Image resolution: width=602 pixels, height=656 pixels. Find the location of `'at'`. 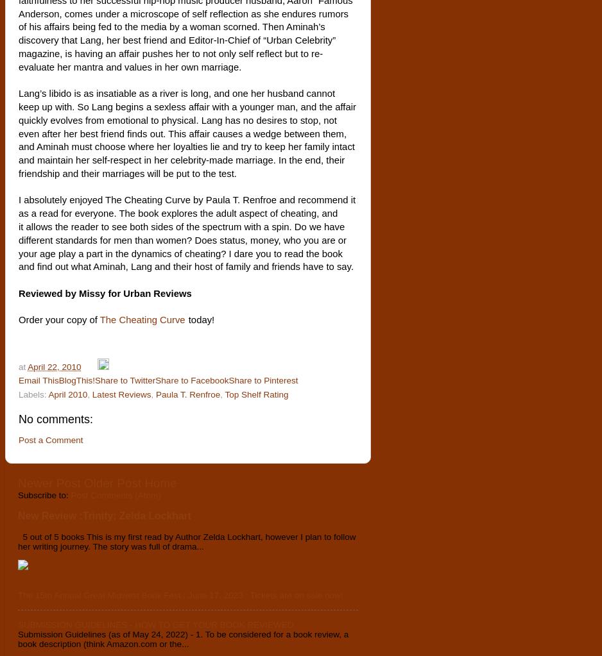

'at' is located at coordinates (22, 366).